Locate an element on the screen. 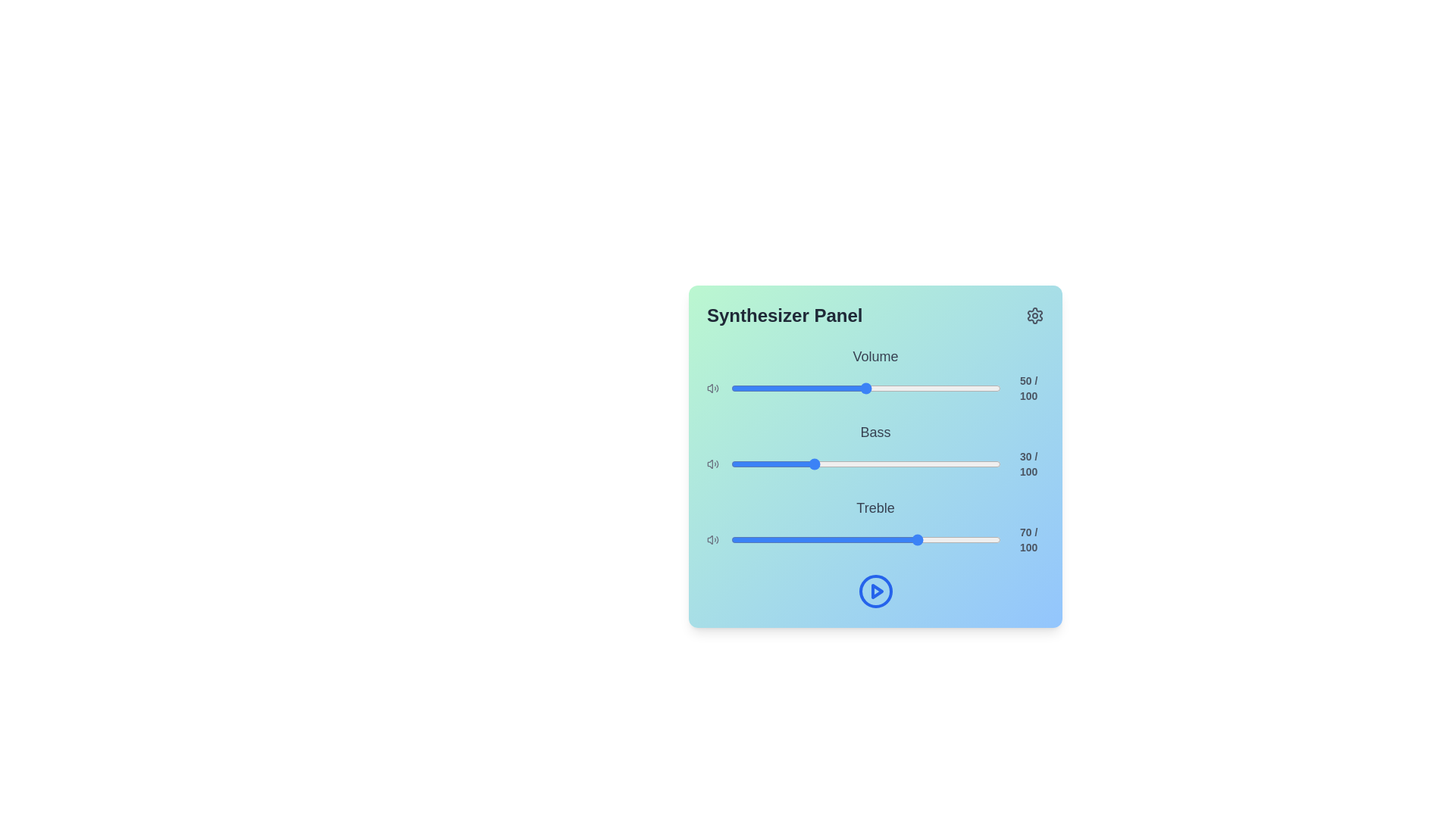 The height and width of the screenshot is (818, 1455). settings icon to access options is located at coordinates (1034, 314).